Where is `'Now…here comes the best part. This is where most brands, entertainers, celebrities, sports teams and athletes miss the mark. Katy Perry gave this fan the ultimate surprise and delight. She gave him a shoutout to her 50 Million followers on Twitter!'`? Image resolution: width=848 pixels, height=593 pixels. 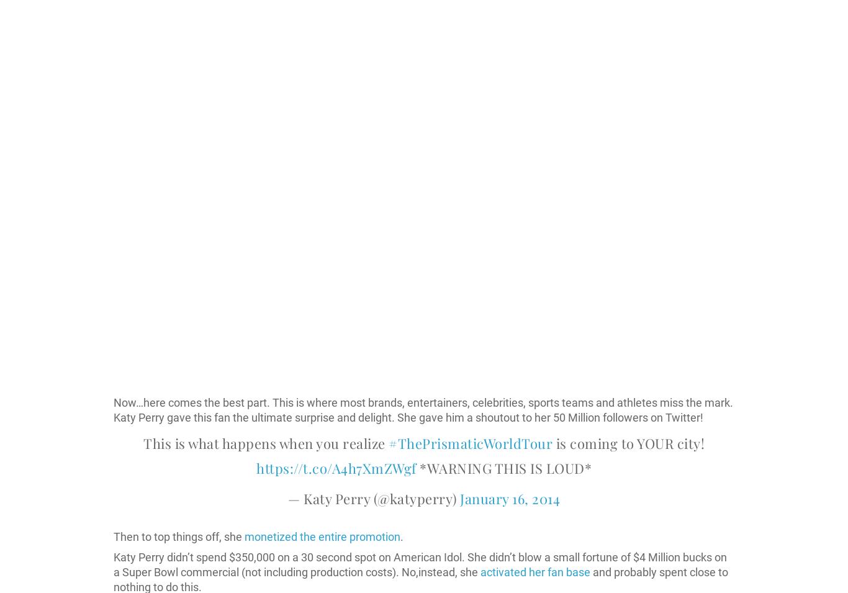
'Now…here comes the best part. This is where most brands, entertainers, celebrities, sports teams and athletes miss the mark. Katy Perry gave this fan the ultimate surprise and delight. She gave him a shoutout to her 50 Million followers on Twitter!' is located at coordinates (423, 409).